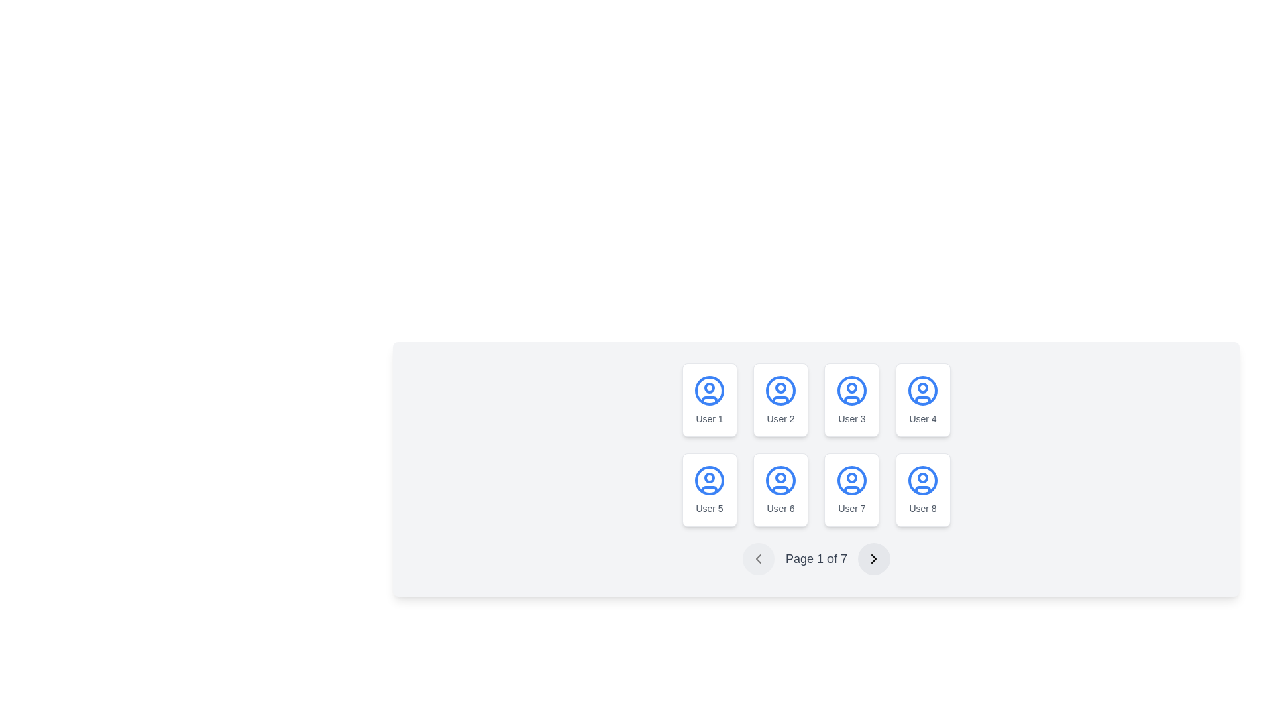  What do you see at coordinates (780, 418) in the screenshot?
I see `the text label indicating the username or identifier of the user, located in the second cell of the top row beneath the circular blue icon` at bounding box center [780, 418].